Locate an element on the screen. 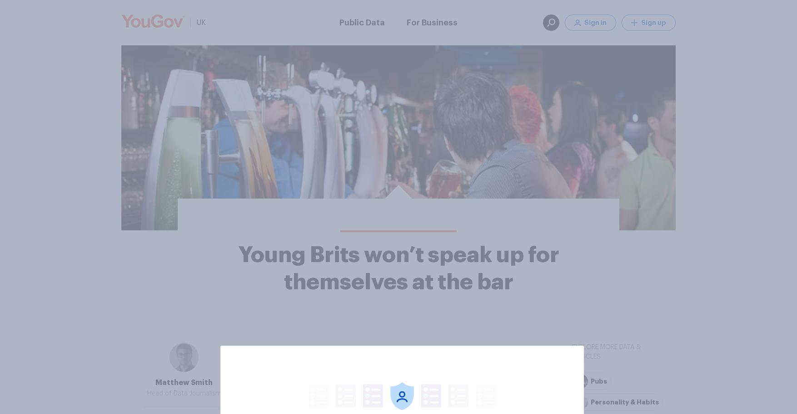  'UK' is located at coordinates (196, 22).